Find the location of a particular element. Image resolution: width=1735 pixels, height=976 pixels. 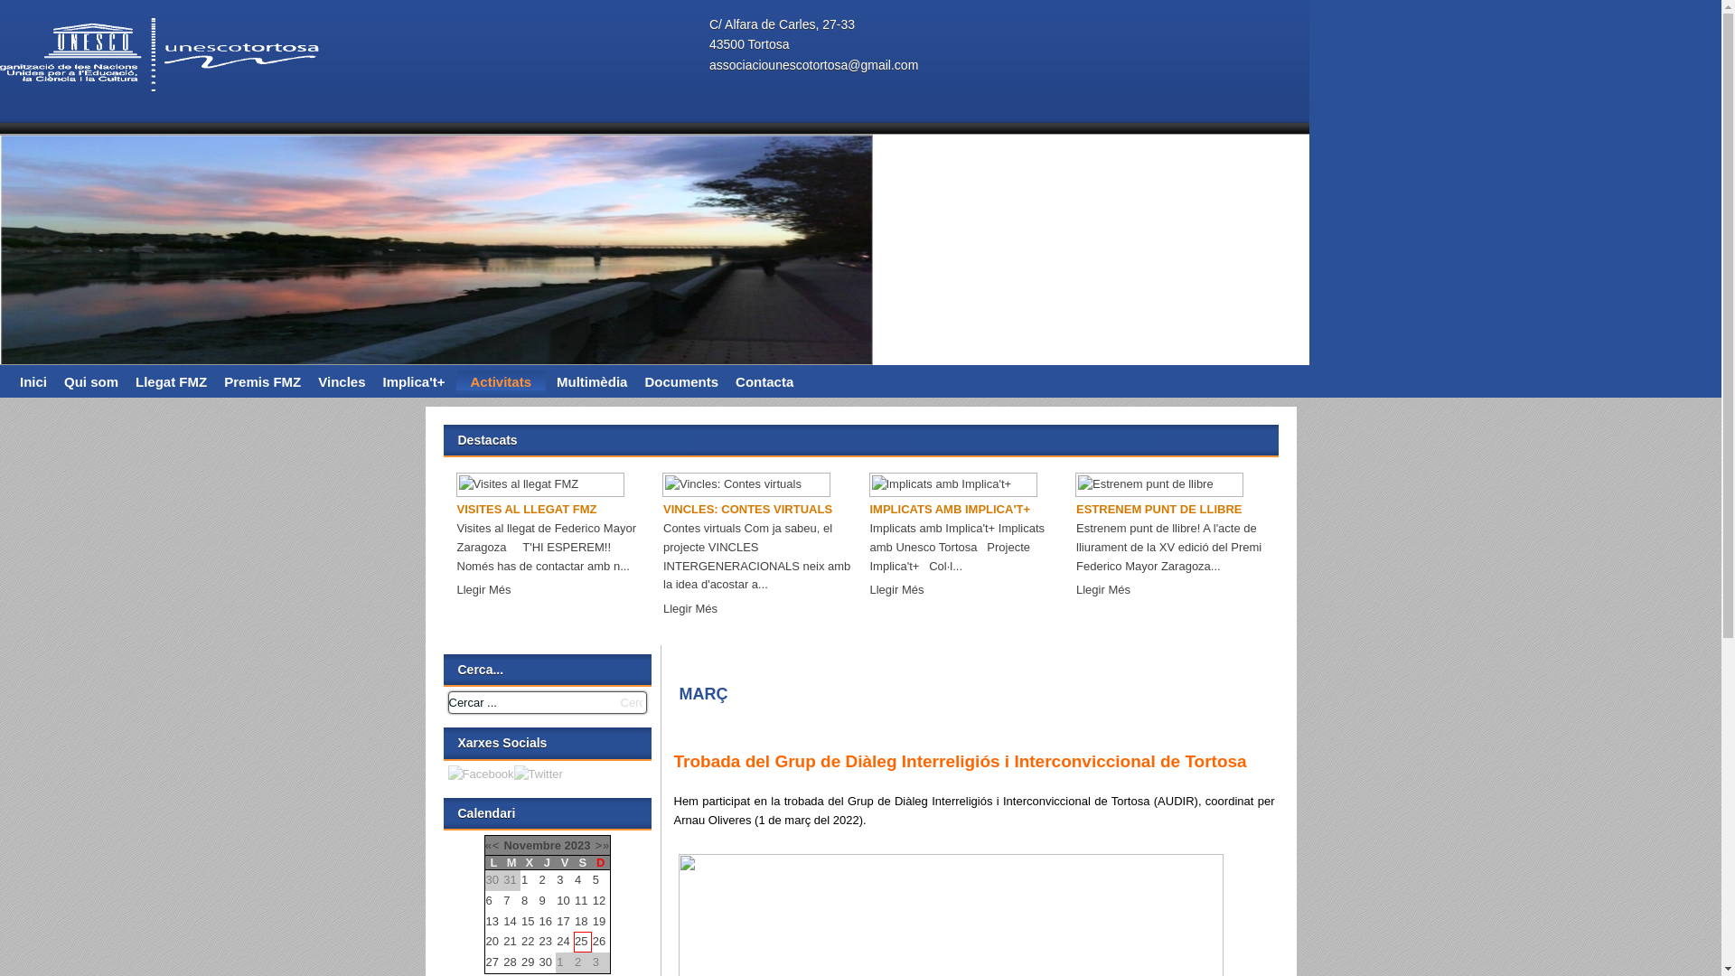

'6' is located at coordinates (489, 900).